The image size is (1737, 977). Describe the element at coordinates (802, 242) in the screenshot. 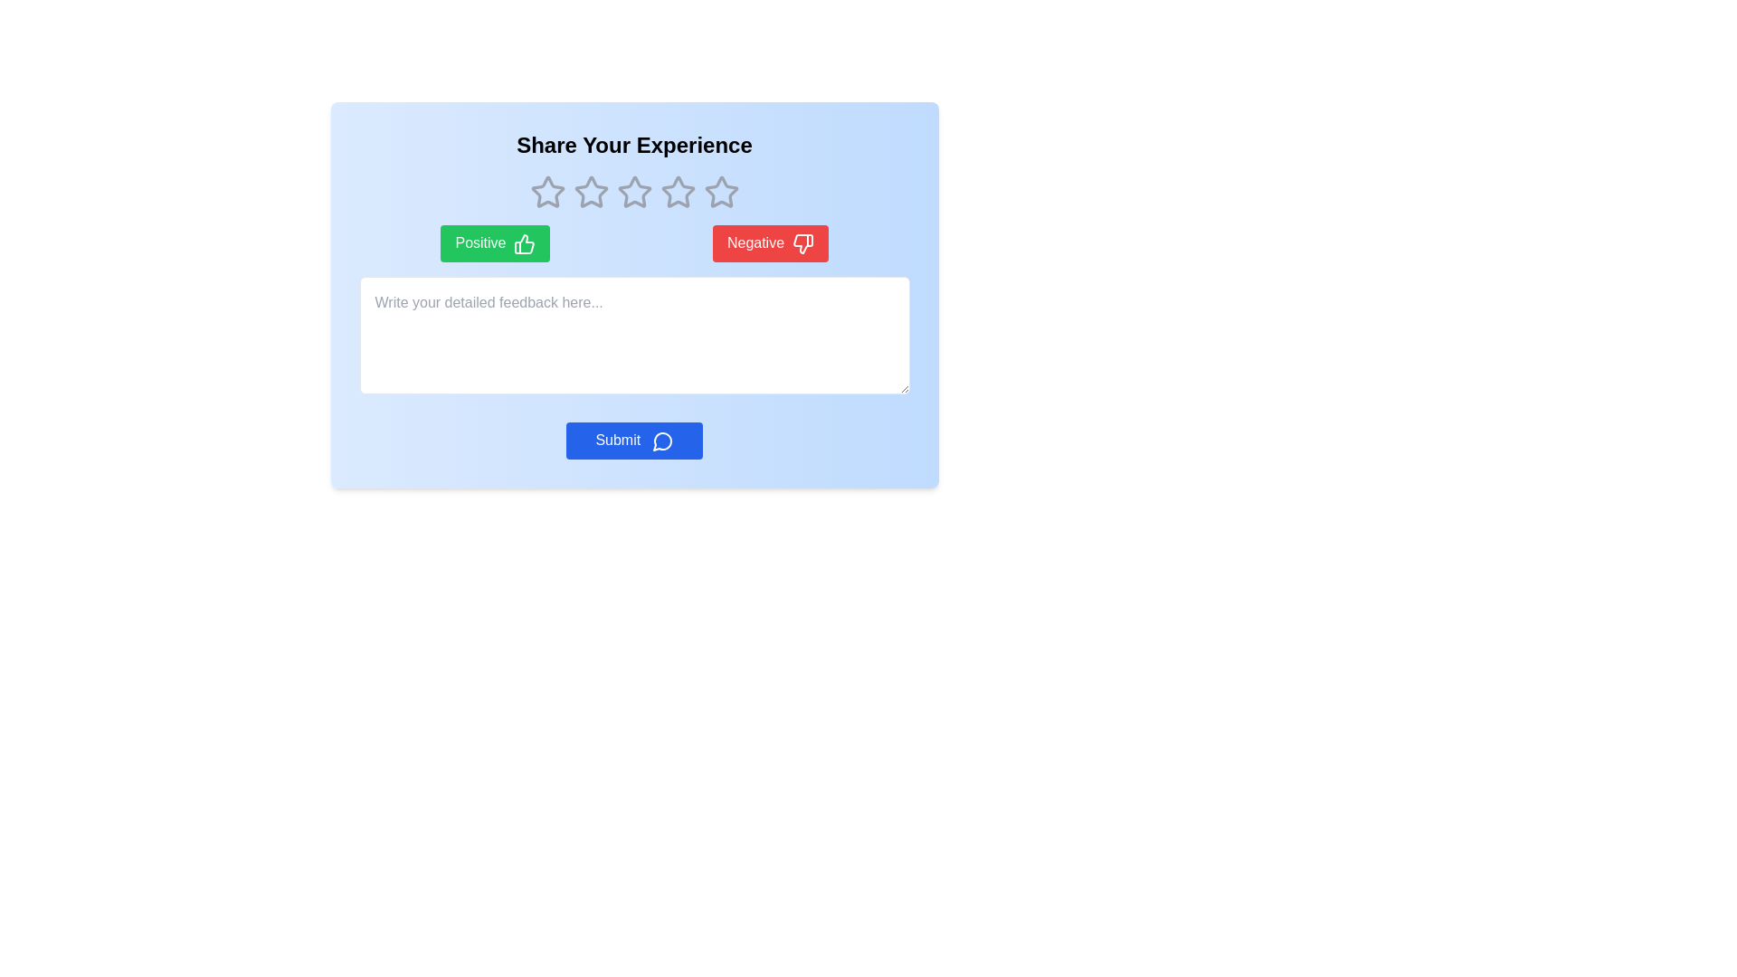

I see `thumbs-down icon graphical component within the 'Negative' feedback button using developer tools` at that location.